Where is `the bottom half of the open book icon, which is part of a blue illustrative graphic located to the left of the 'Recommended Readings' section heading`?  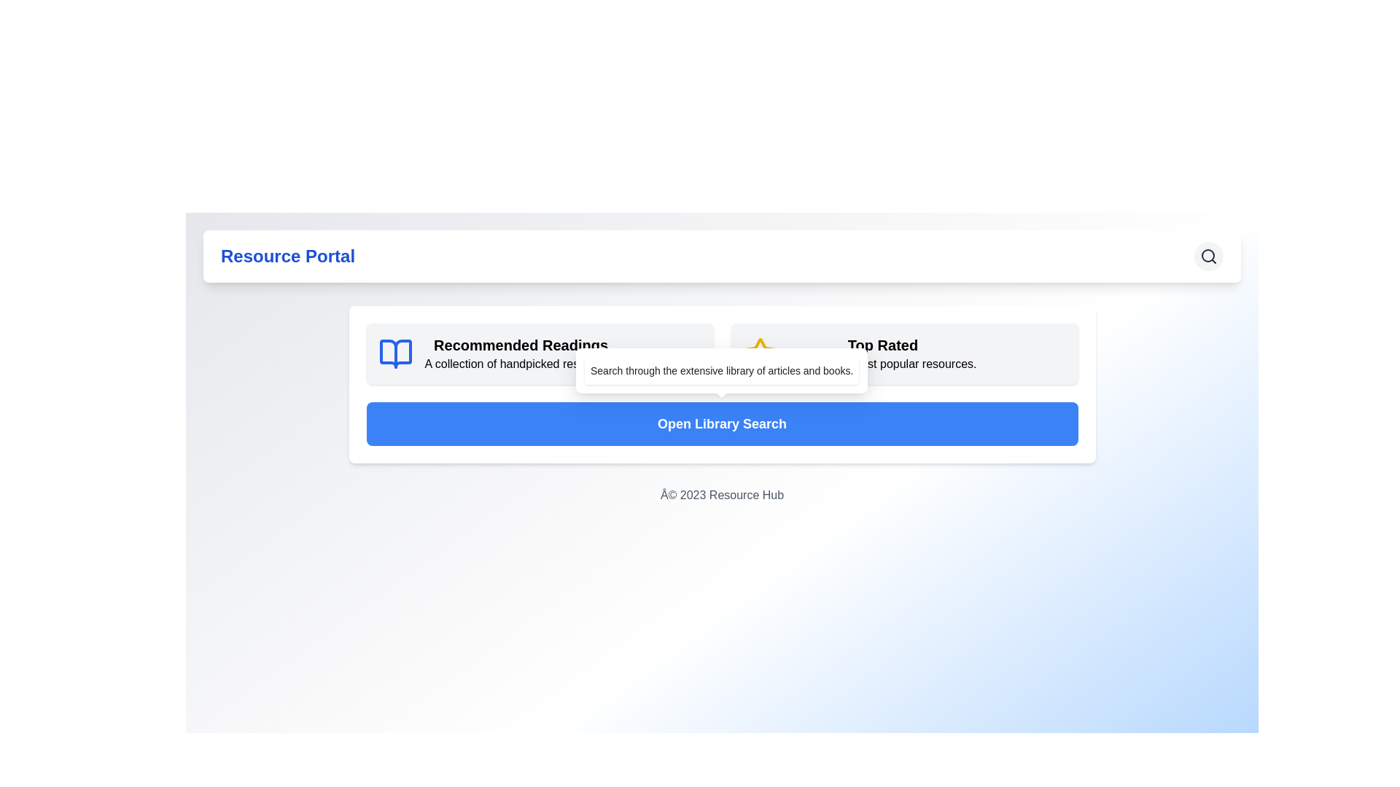
the bottom half of the open book icon, which is part of a blue illustrative graphic located to the left of the 'Recommended Readings' section heading is located at coordinates (395, 354).